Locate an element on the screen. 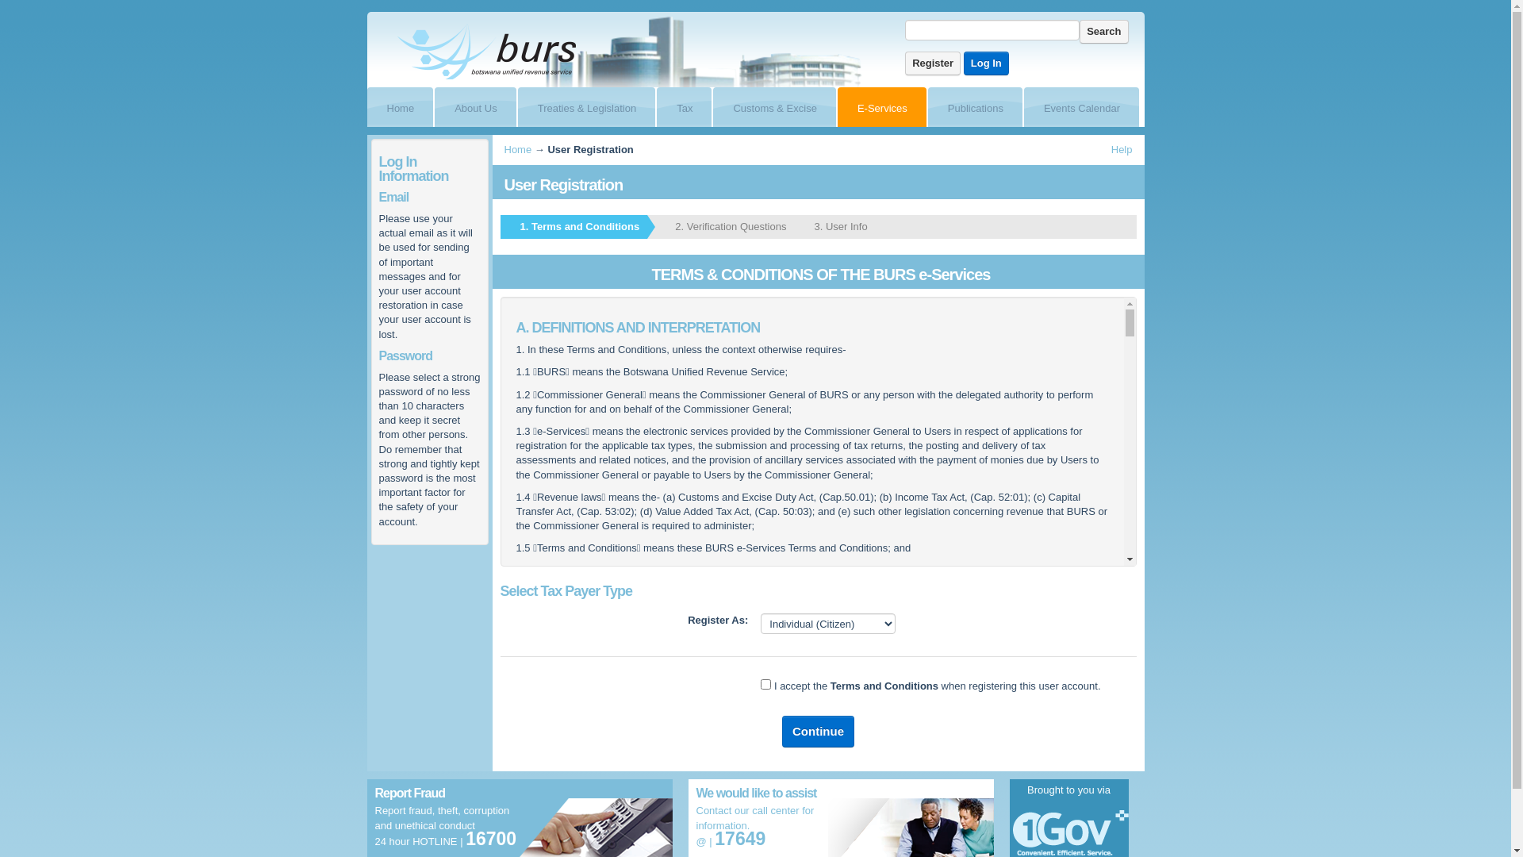 The height and width of the screenshot is (857, 1523). 'Search' is located at coordinates (1079, 31).